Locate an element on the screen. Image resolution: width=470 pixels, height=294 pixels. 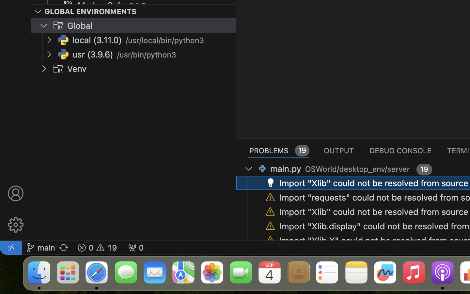
'usr (3.9.6)' is located at coordinates (92, 55).